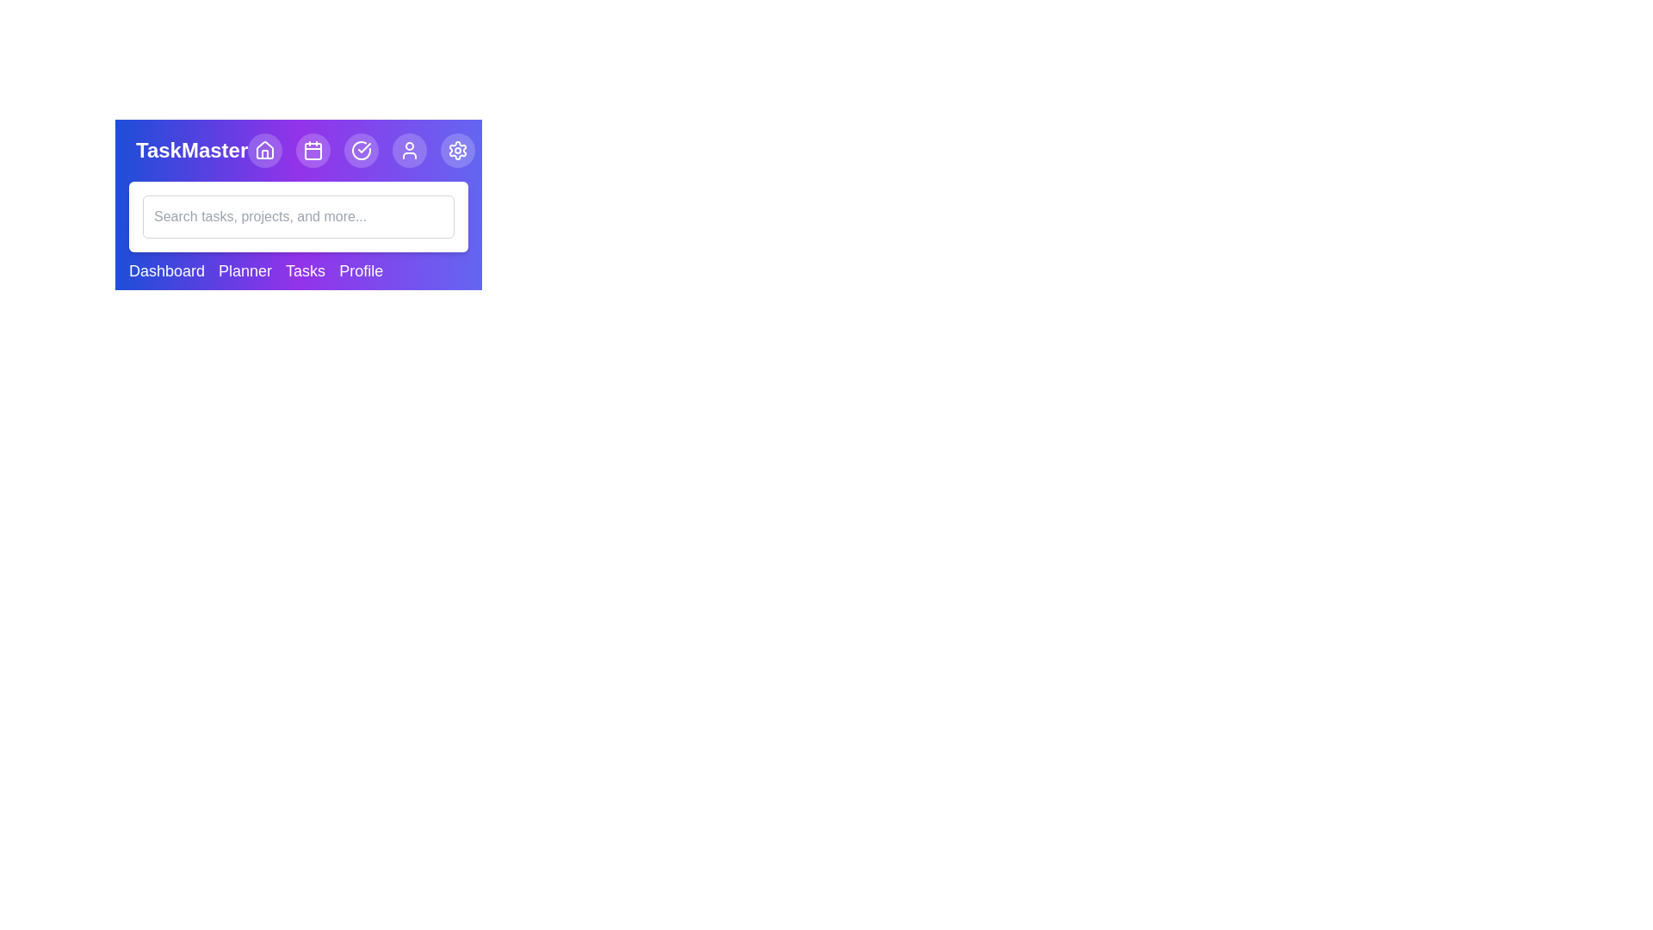  I want to click on the navigation icon corresponding to Settings, so click(458, 149).